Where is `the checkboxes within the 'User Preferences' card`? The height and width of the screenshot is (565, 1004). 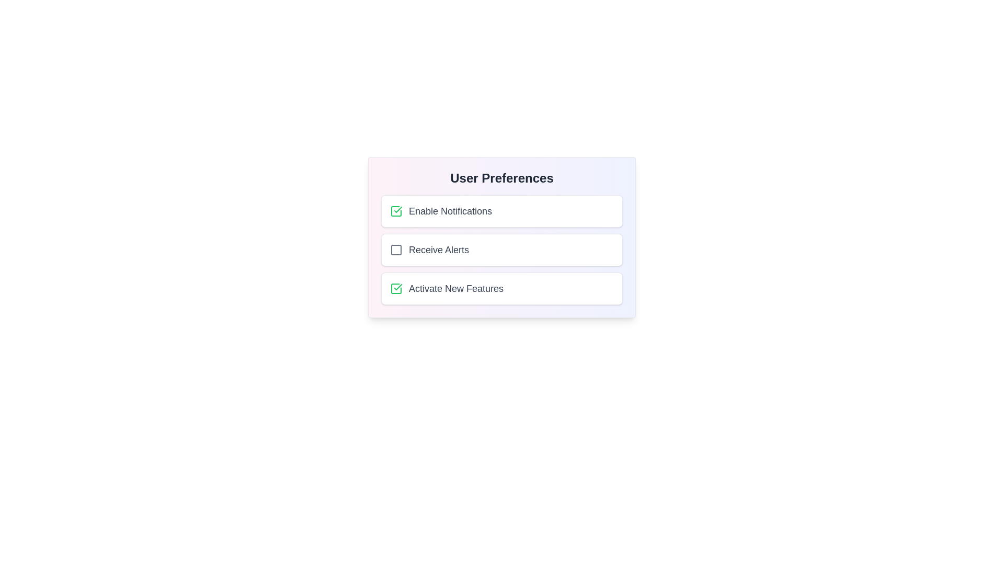
the checkboxes within the 'User Preferences' card is located at coordinates (502, 238).